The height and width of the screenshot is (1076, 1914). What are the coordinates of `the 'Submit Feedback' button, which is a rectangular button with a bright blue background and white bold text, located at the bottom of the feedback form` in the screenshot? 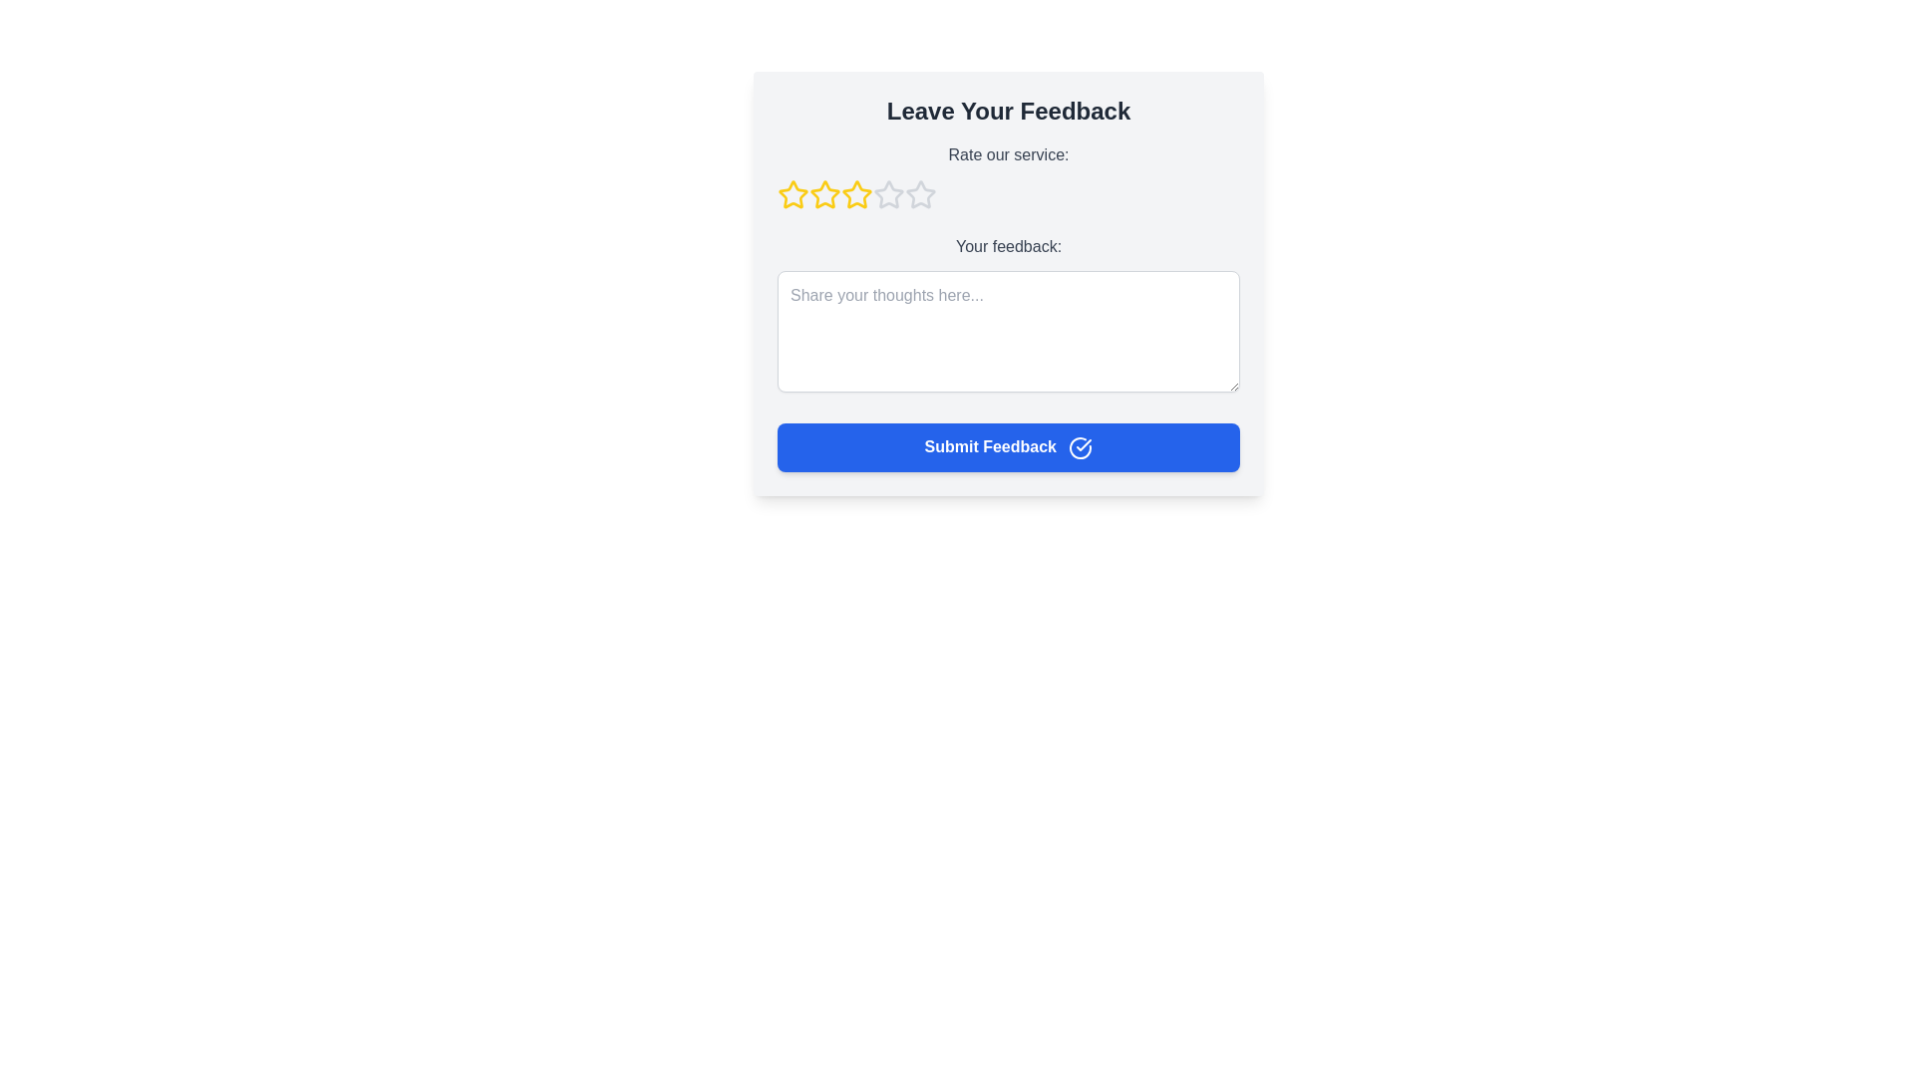 It's located at (1009, 445).